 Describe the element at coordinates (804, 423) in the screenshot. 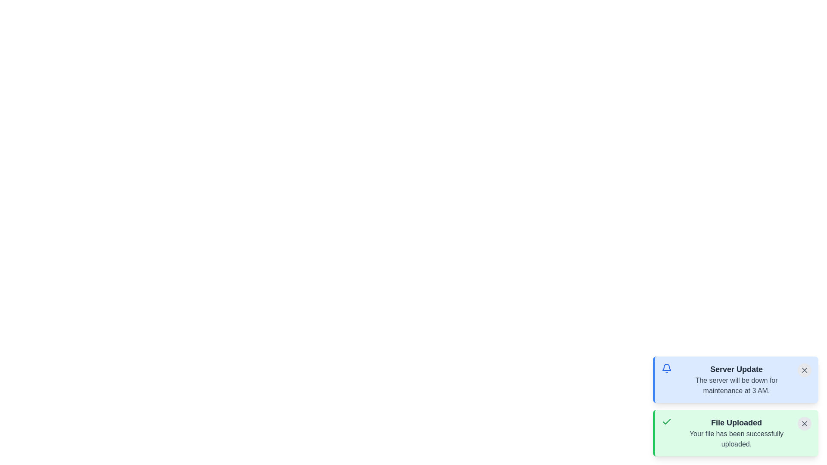

I see `the 'X' icon button within the 'File Uploaded' notification box` at that location.